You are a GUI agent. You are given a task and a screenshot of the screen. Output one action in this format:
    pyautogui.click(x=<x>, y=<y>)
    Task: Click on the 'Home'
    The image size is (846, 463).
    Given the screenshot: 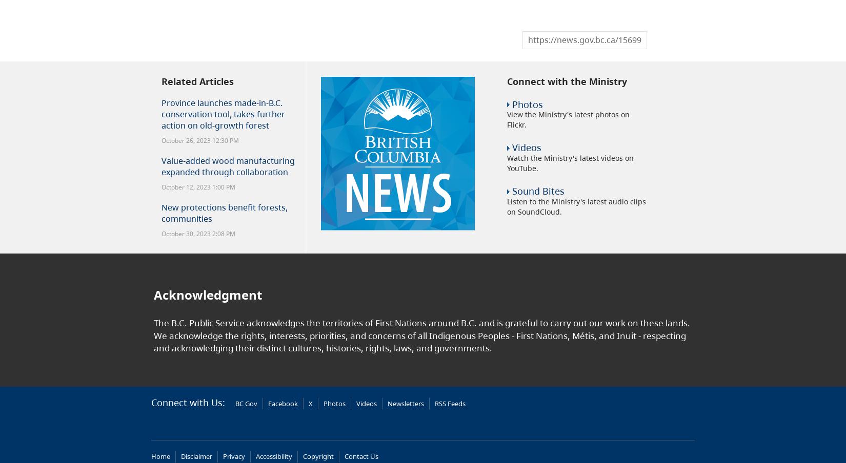 What is the action you would take?
    pyautogui.click(x=160, y=456)
    